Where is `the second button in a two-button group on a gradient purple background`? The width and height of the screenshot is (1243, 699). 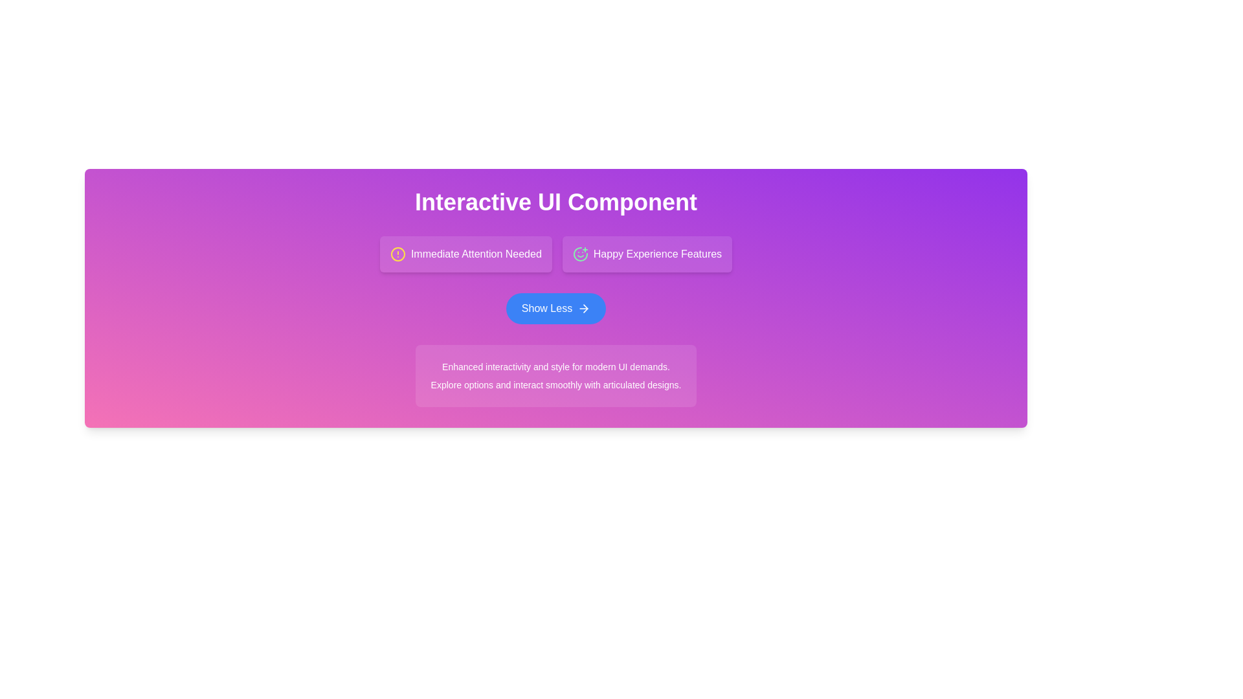 the second button in a two-button group on a gradient purple background is located at coordinates (647, 254).